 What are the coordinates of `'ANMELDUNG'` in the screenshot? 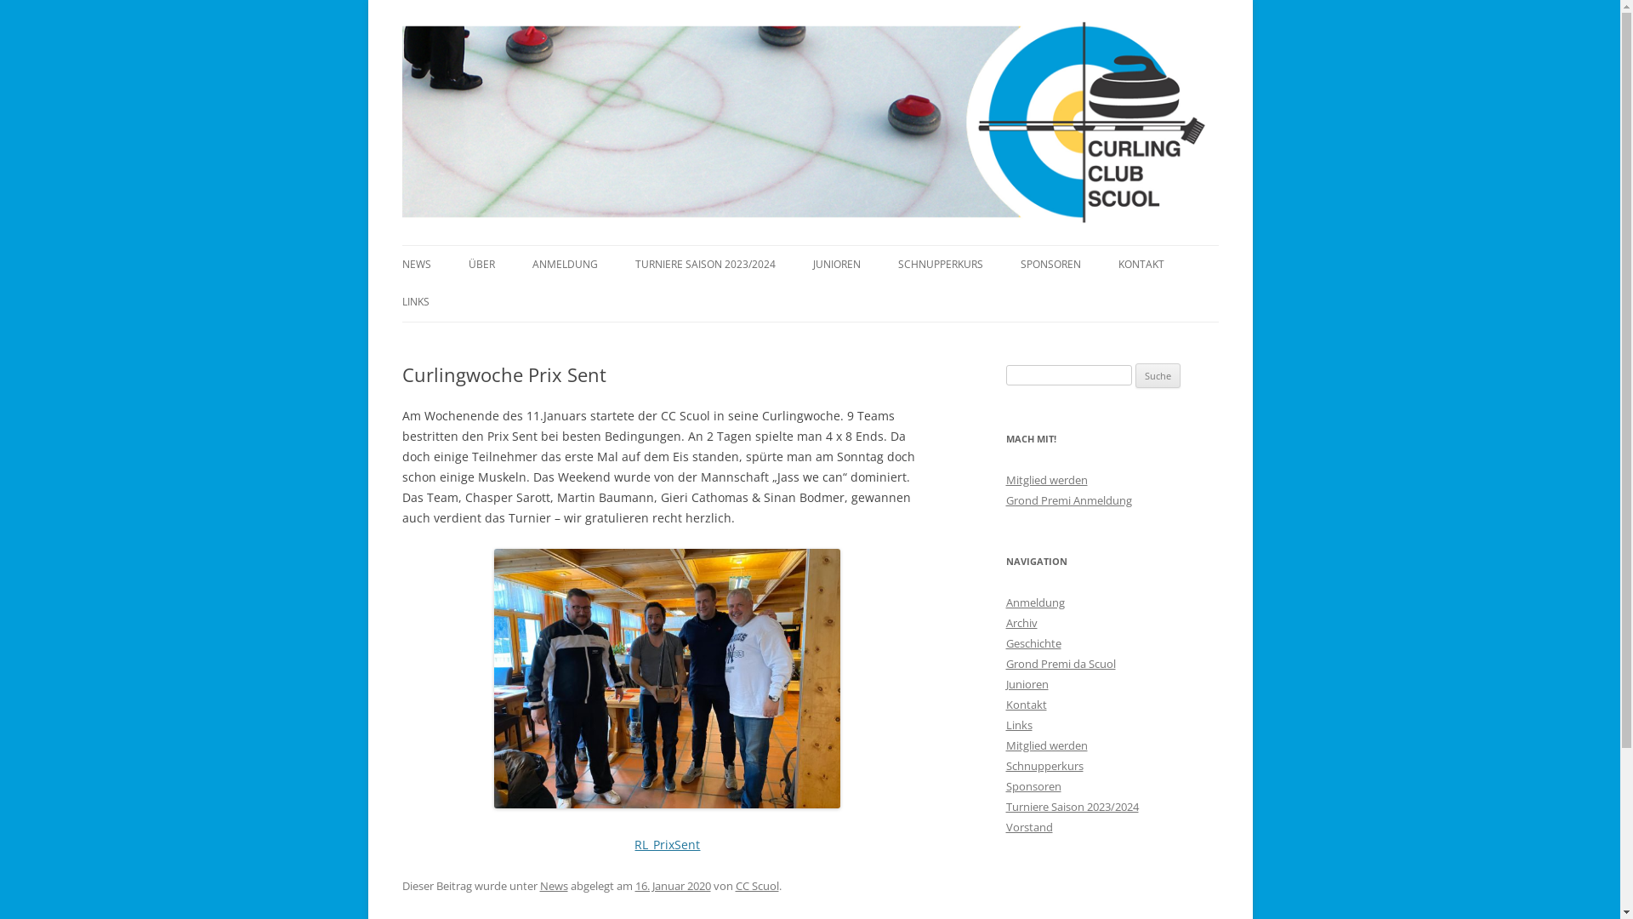 It's located at (565, 265).